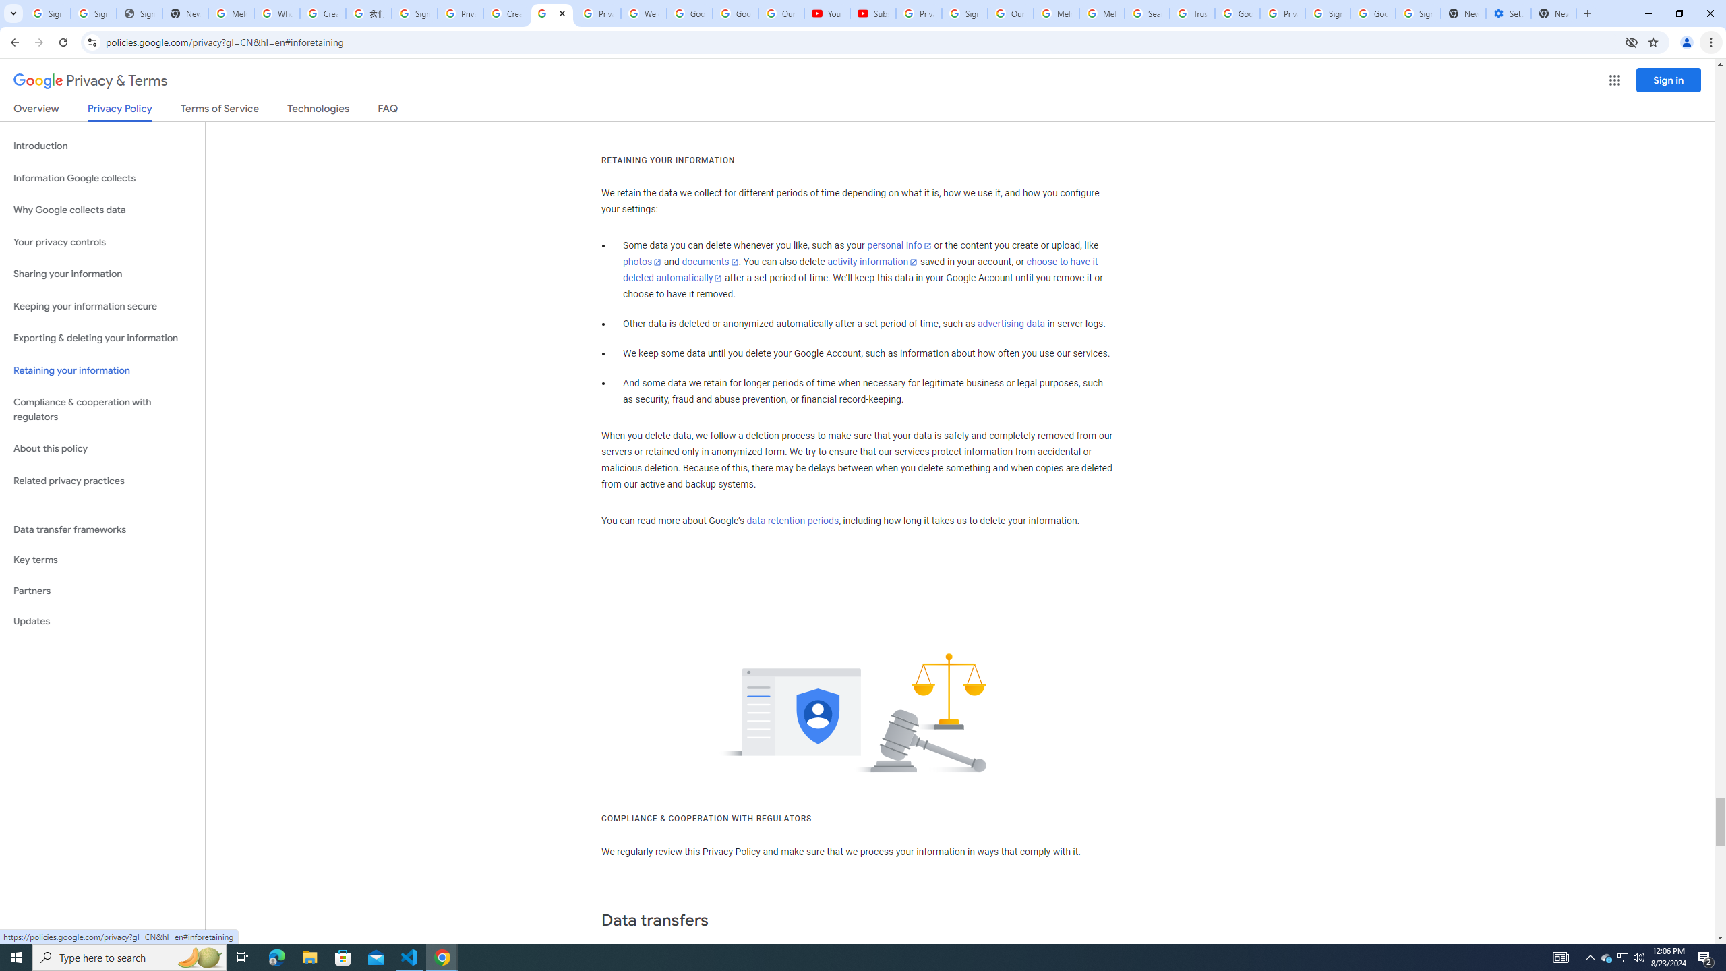  Describe the element at coordinates (93, 13) in the screenshot. I see `'Sign in - Google Accounts'` at that location.